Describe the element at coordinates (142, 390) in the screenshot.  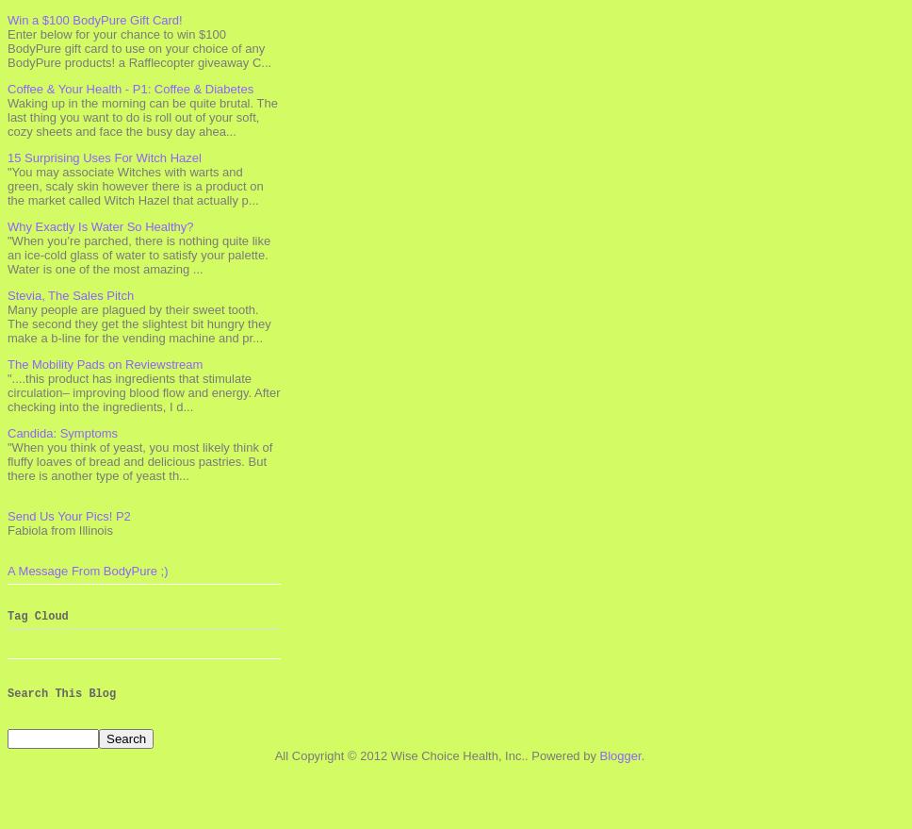
I see `'"....this product has ingredients that stimulate circulation– improving blood flow and energy. After checking into the ingredients, I d...'` at that location.